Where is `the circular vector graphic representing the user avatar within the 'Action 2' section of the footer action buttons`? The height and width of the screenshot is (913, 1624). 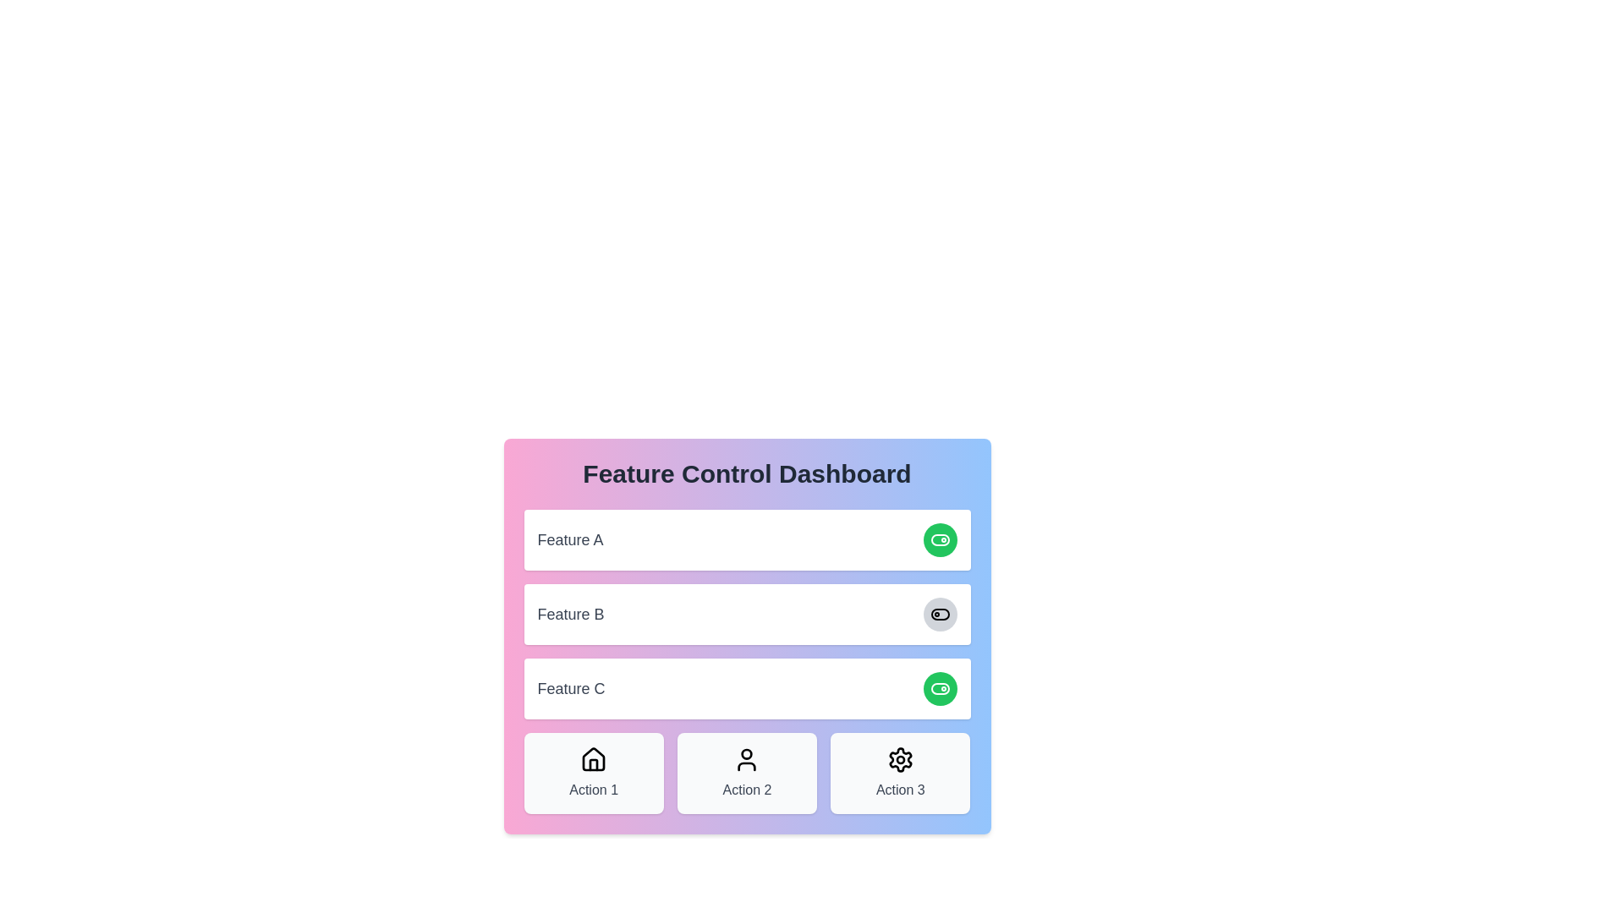 the circular vector graphic representing the user avatar within the 'Action 2' section of the footer action buttons is located at coordinates (746, 753).